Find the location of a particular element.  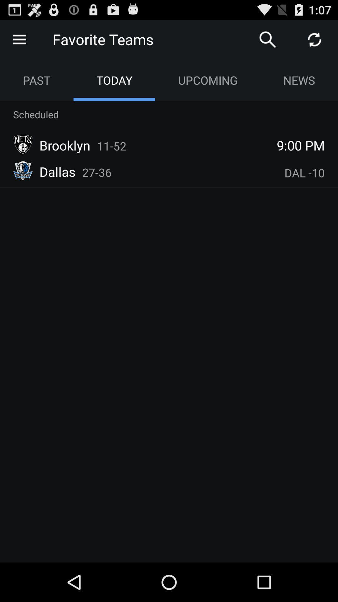

search is located at coordinates (268, 39).